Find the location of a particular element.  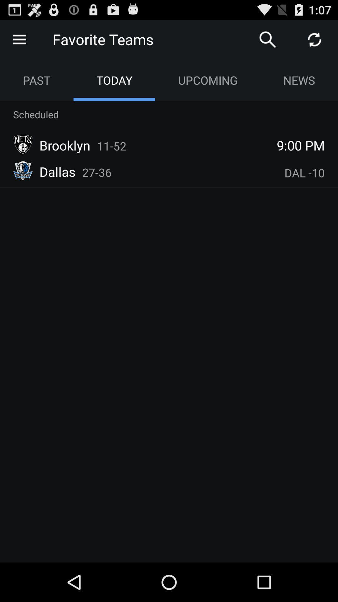

search is located at coordinates (268, 39).